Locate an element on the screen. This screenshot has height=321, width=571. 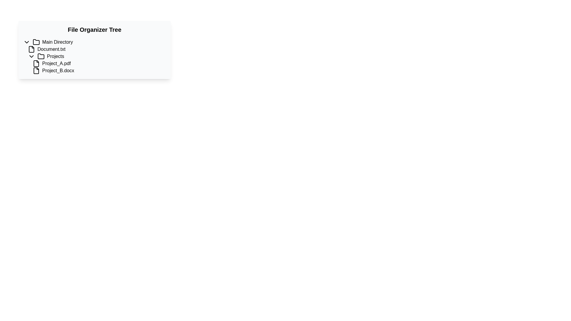
the stylized black folder icon located to the left of the 'Main Directory' text label is located at coordinates (36, 42).